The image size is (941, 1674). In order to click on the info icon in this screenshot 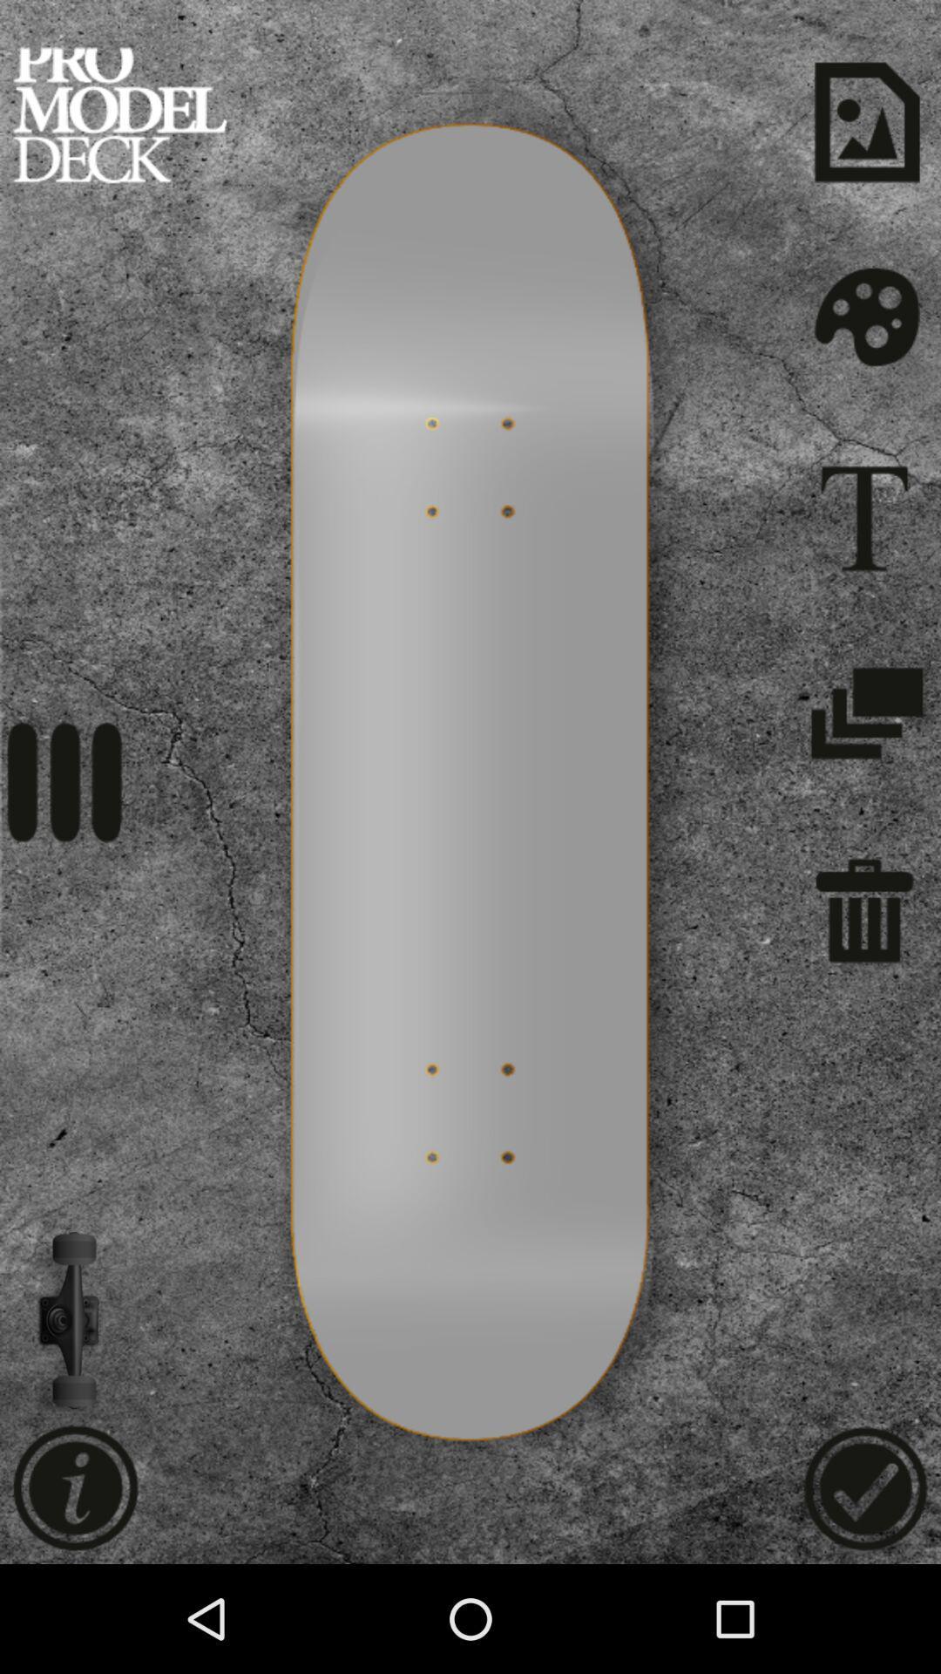, I will do `click(75, 1592)`.